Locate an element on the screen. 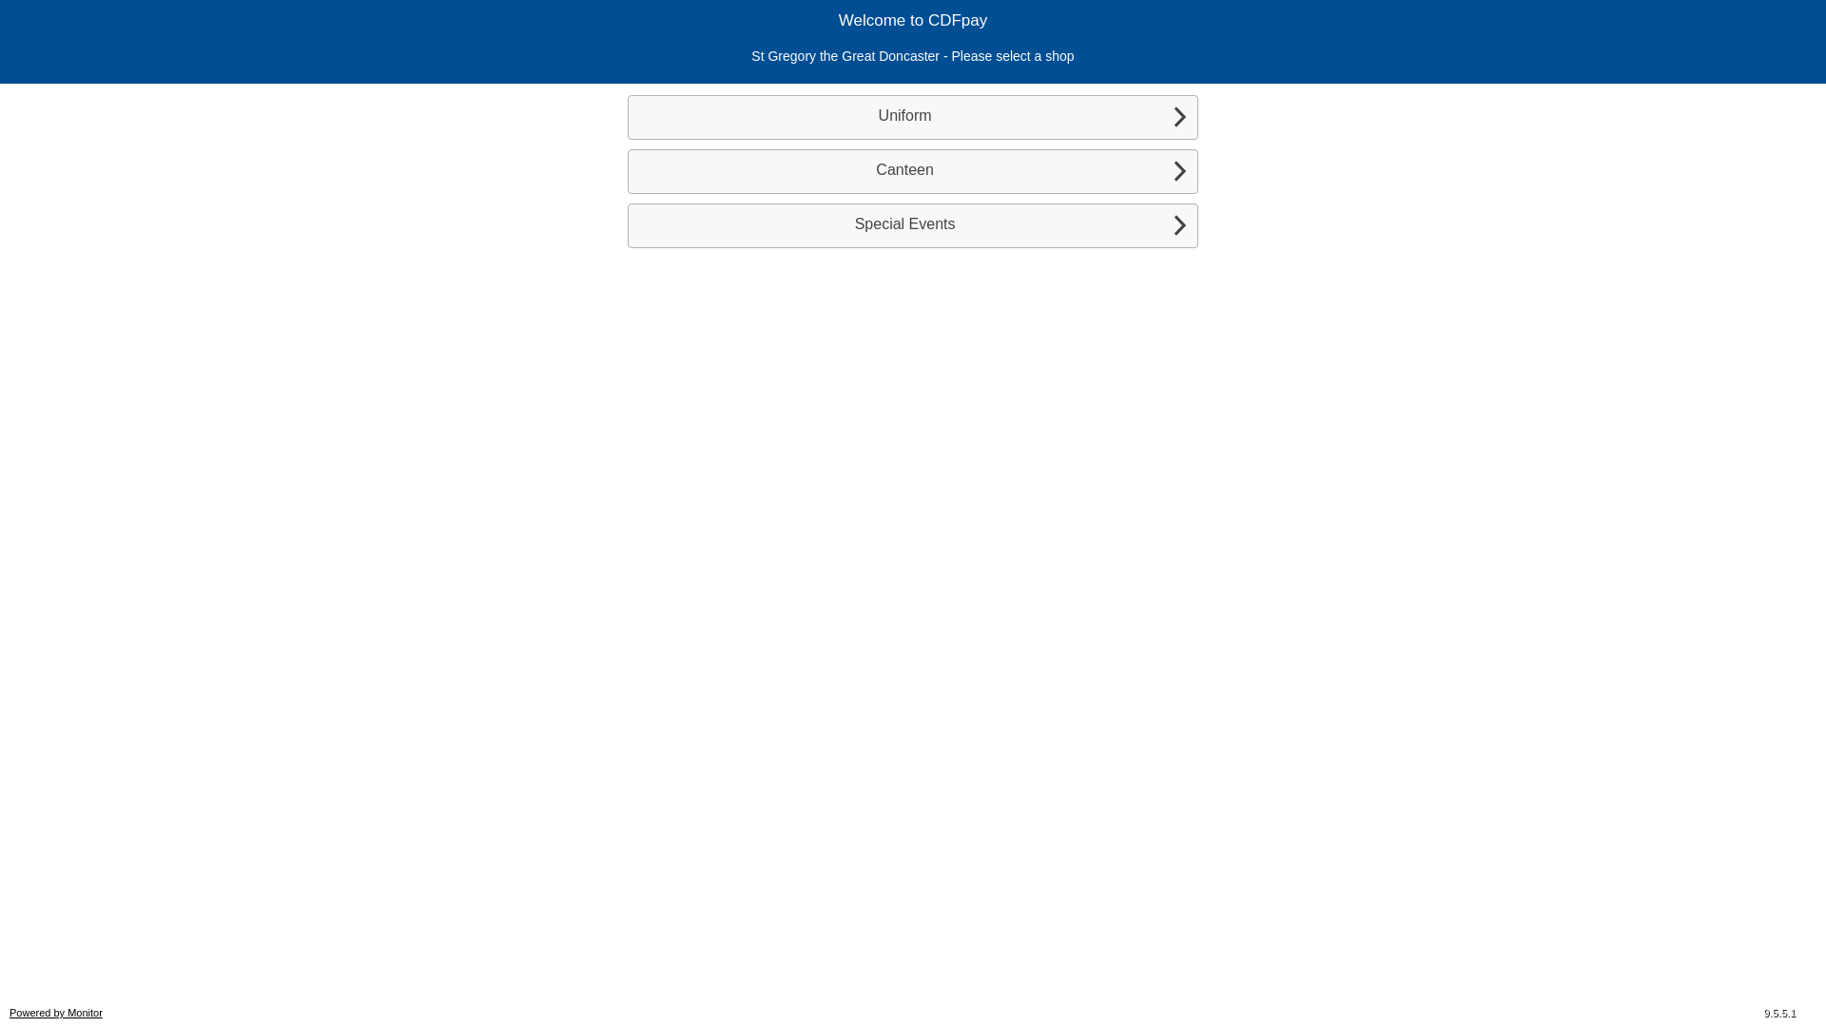  'Powered by Monitor' is located at coordinates (9, 1011).